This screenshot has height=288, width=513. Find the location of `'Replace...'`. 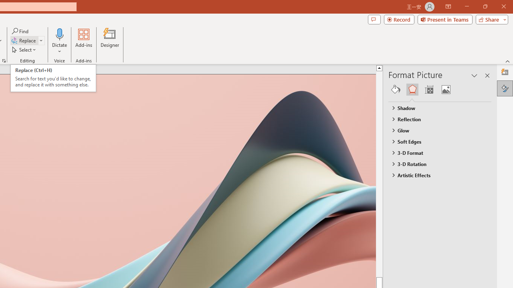

'Replace...' is located at coordinates (24, 40).